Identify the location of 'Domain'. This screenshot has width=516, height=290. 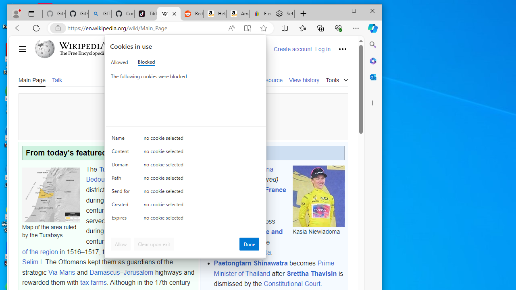
(121, 166).